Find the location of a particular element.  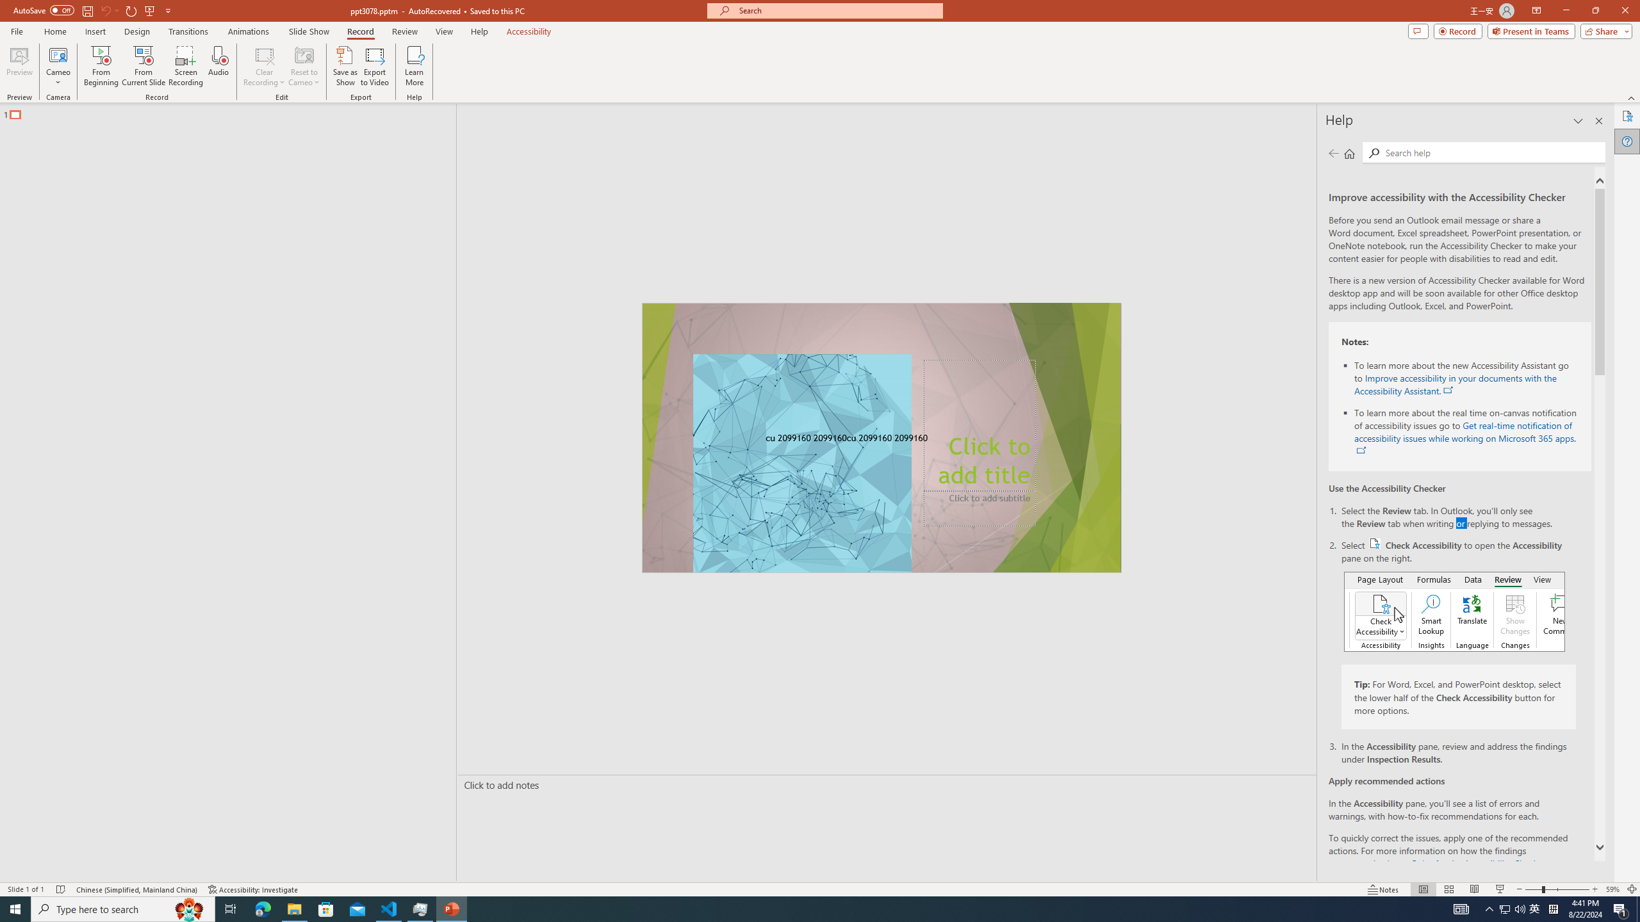

'Export to Video' is located at coordinates (373, 66).